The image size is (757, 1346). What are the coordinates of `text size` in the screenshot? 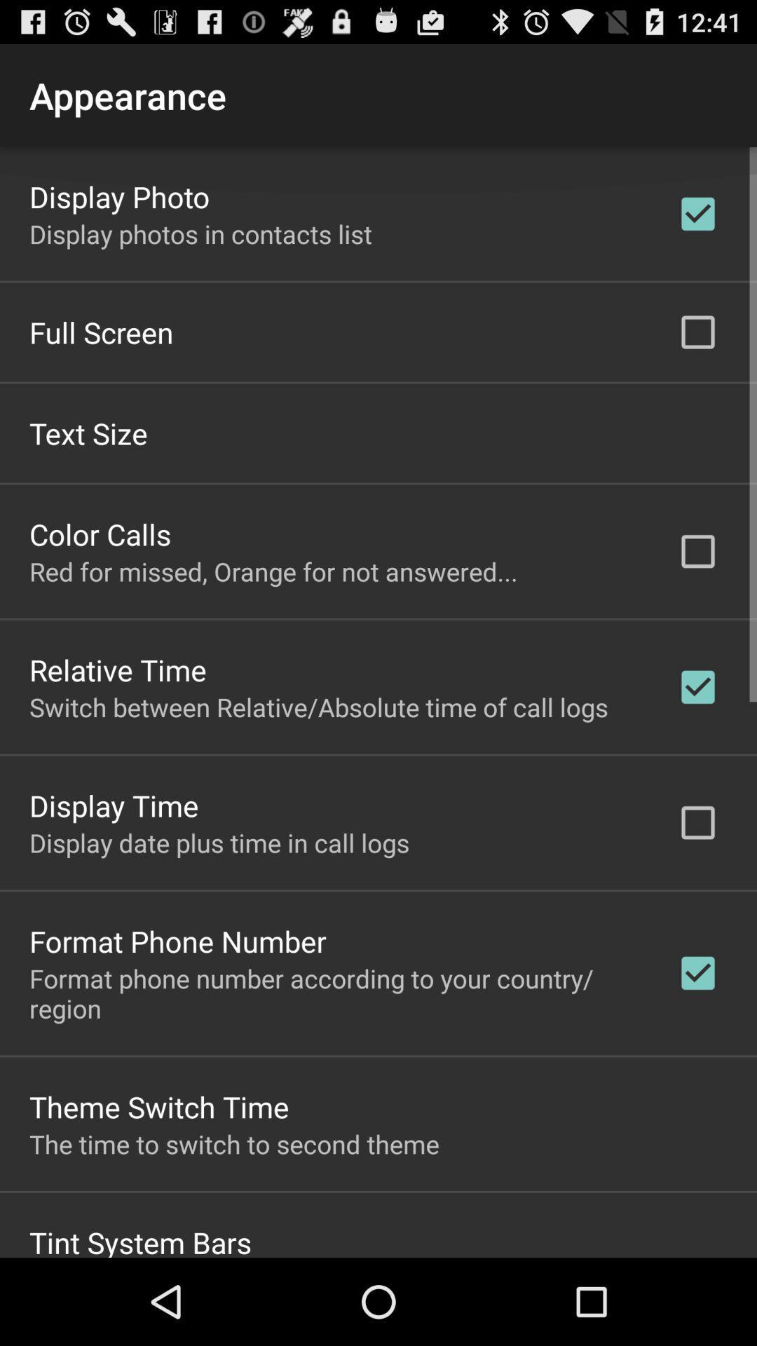 It's located at (88, 432).